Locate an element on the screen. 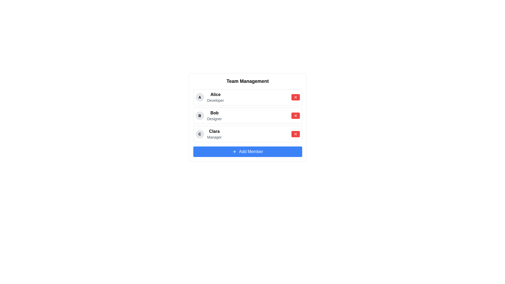  the first entry in the team management interface list is located at coordinates (209, 97).